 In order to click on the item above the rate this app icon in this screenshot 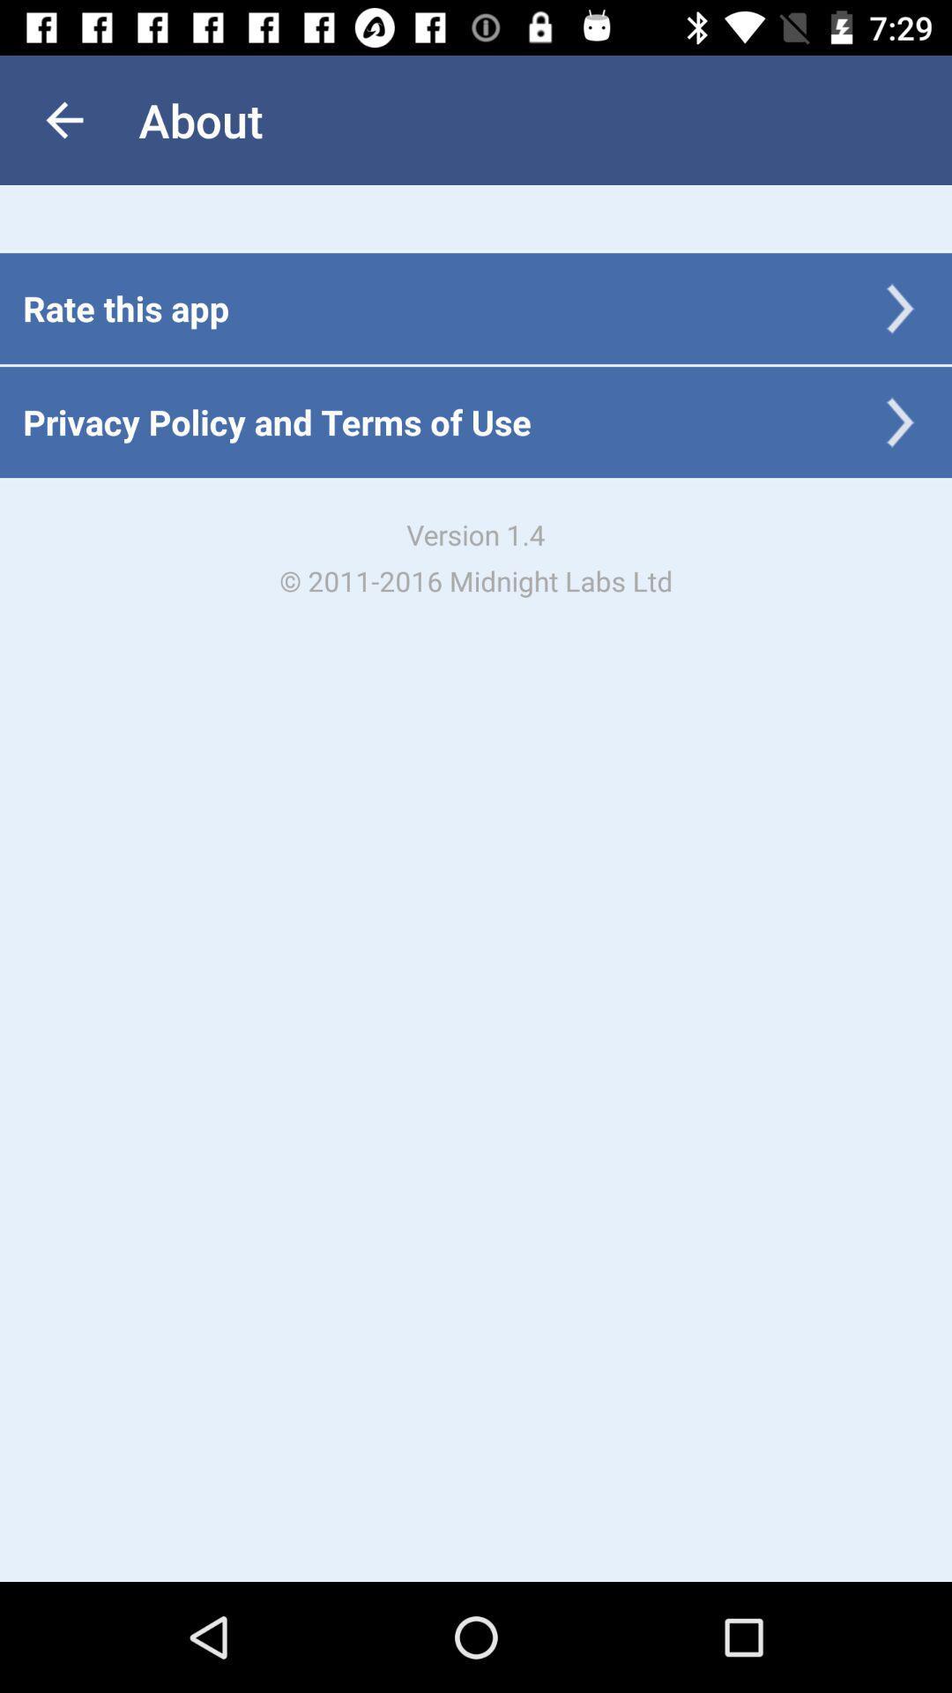, I will do `click(63, 119)`.